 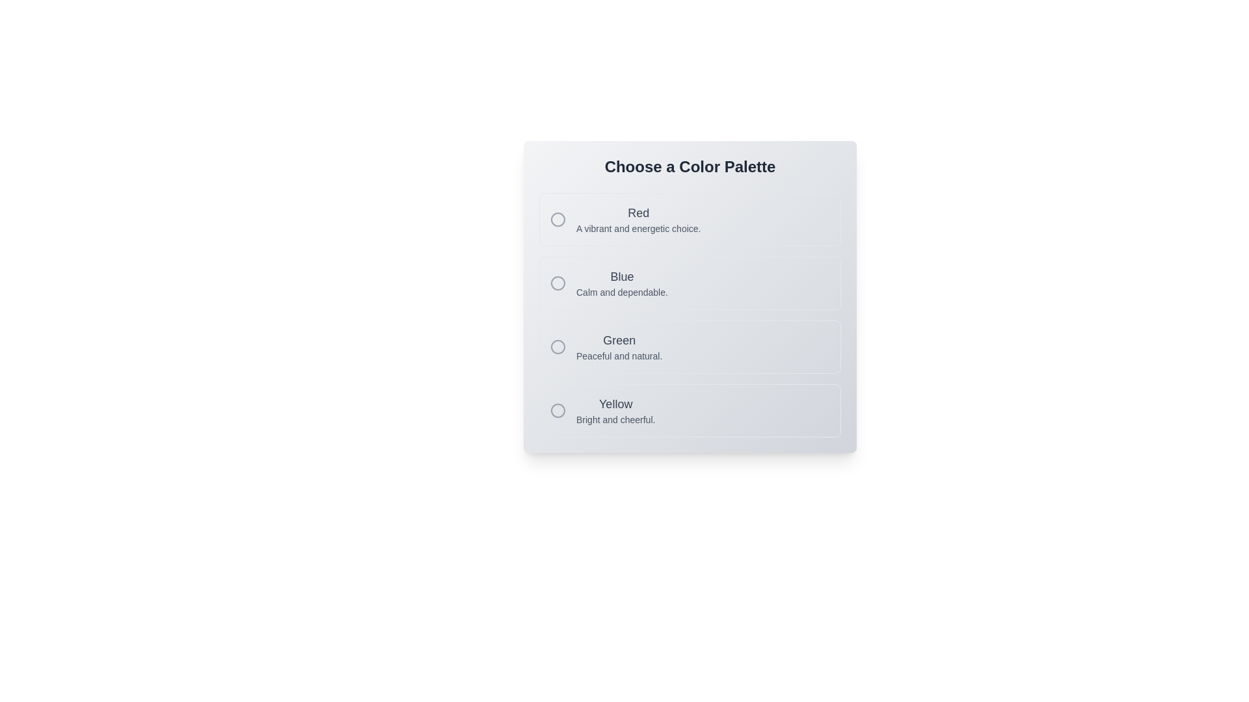 I want to click on the first selection option labeled 'Red' with a circular icon and descriptive text, so click(x=689, y=219).